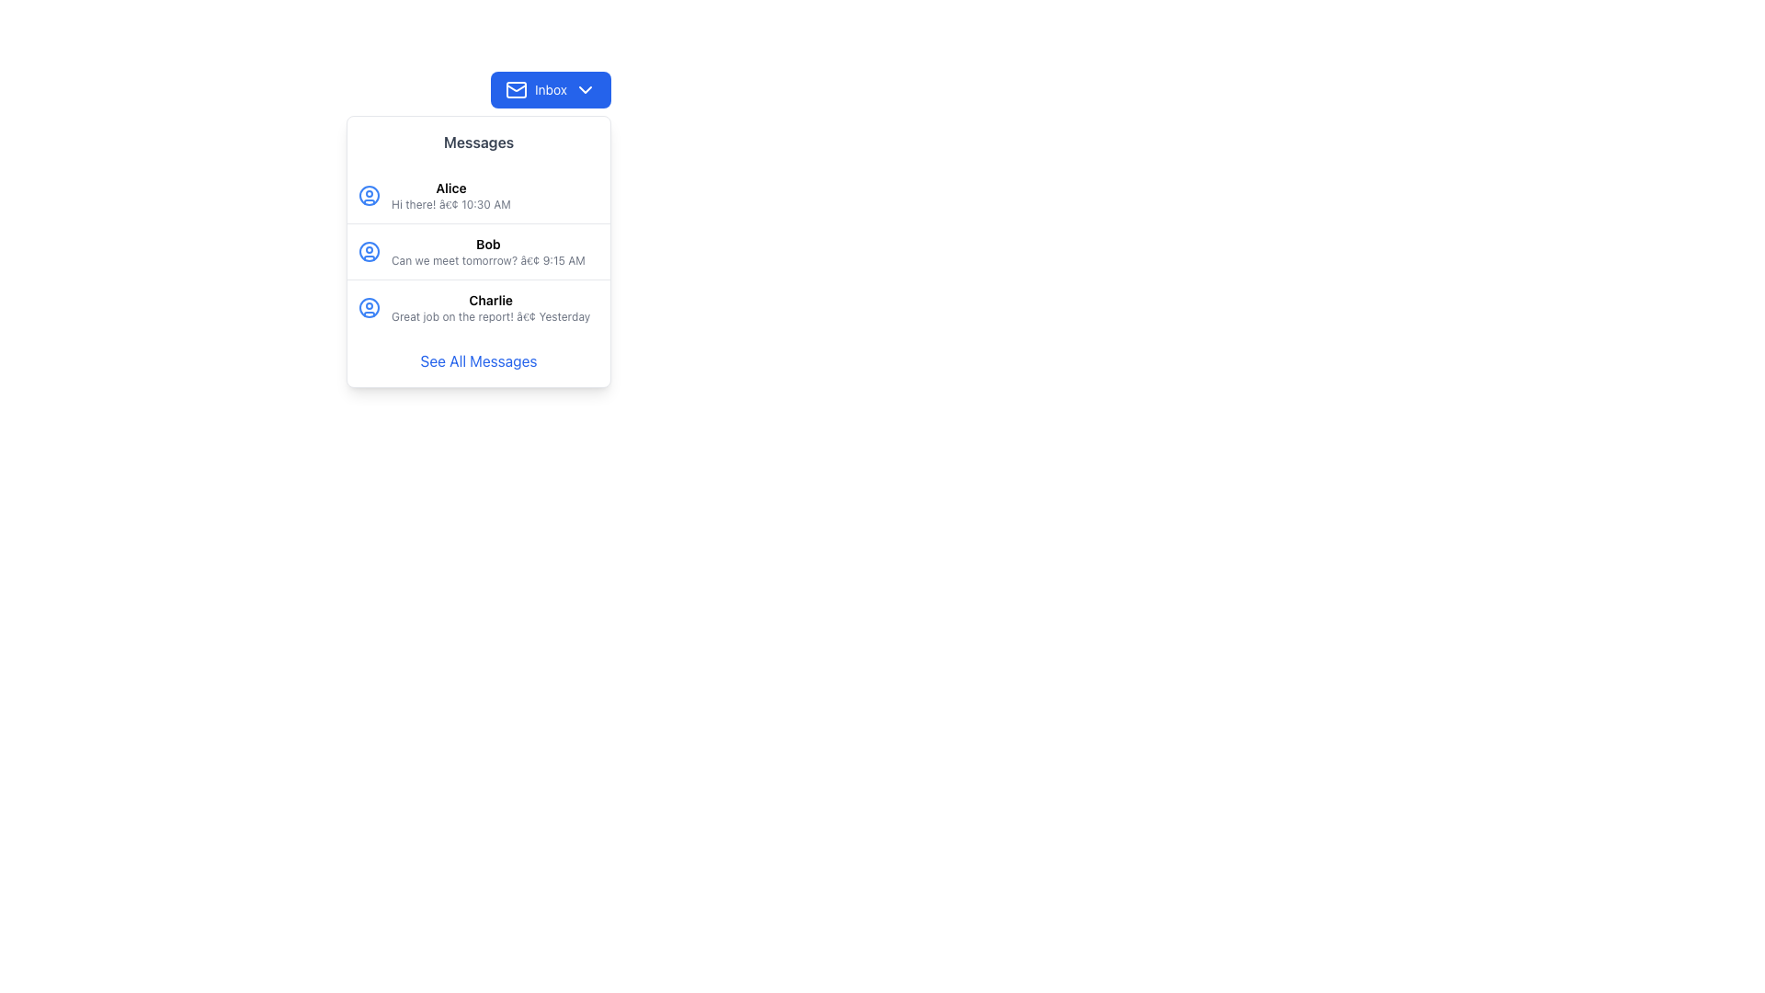 Image resolution: width=1765 pixels, height=993 pixels. I want to click on the label identifying the sender of a message located at the top of the message summary section, so click(450, 188).